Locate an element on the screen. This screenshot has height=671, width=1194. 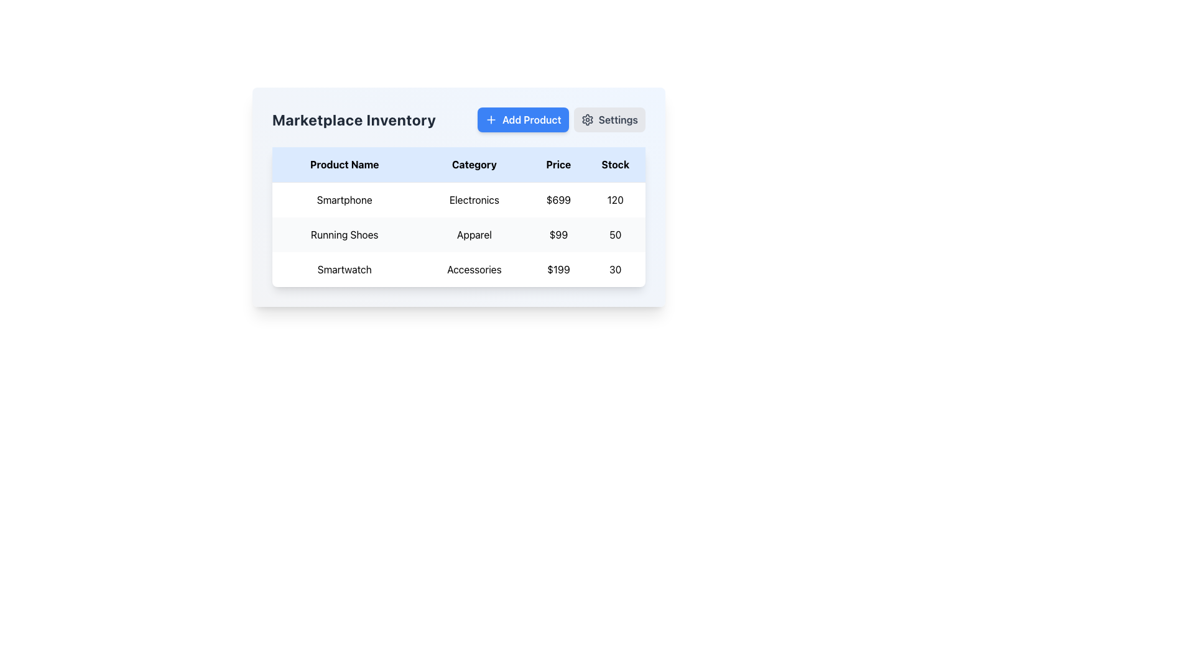
the text label displaying 'Running Shoes' located in the first cell of the second row of the data table is located at coordinates (345, 235).